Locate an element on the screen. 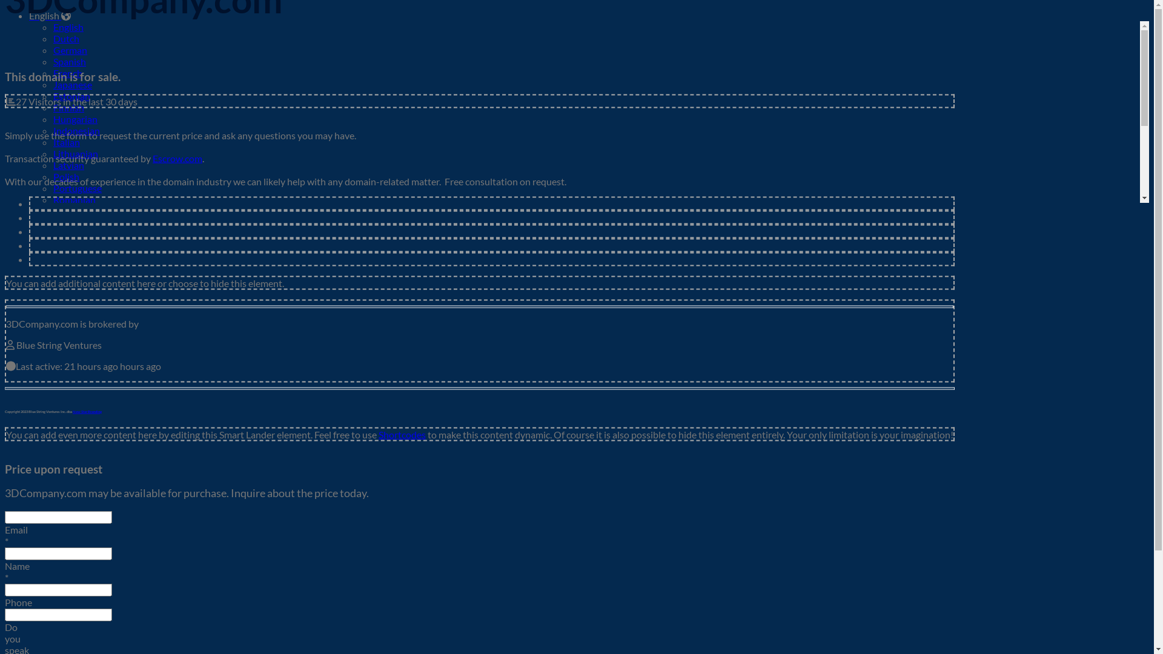  'New Star Branding' is located at coordinates (72, 410).